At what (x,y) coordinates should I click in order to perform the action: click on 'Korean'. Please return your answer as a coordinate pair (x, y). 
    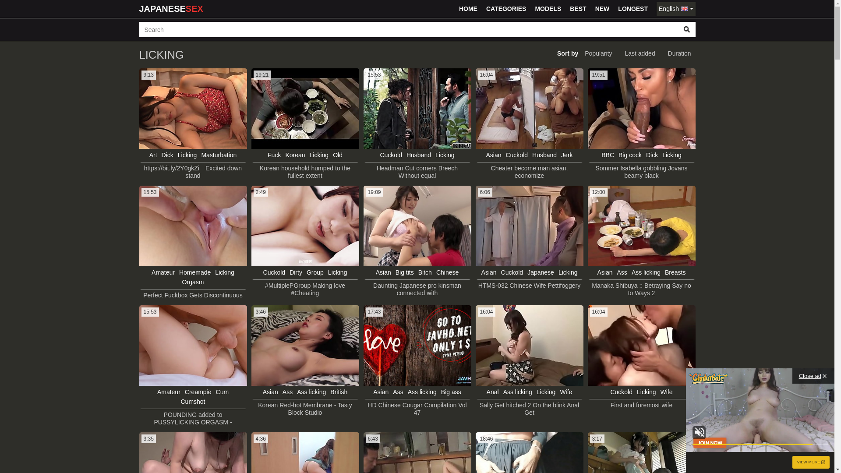
    Looking at the image, I should click on (295, 155).